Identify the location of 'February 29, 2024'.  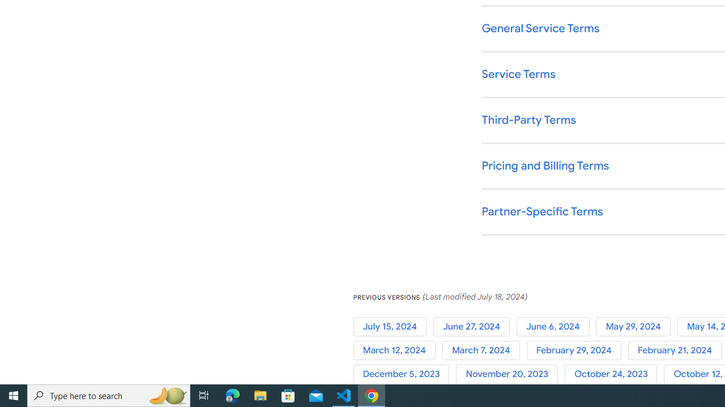
(577, 350).